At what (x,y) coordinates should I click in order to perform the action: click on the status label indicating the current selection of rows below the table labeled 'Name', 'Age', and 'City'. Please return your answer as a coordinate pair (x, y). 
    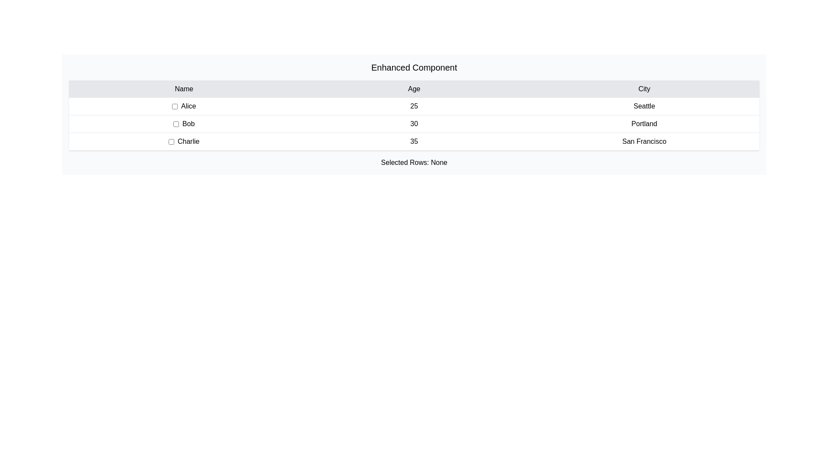
    Looking at the image, I should click on (414, 163).